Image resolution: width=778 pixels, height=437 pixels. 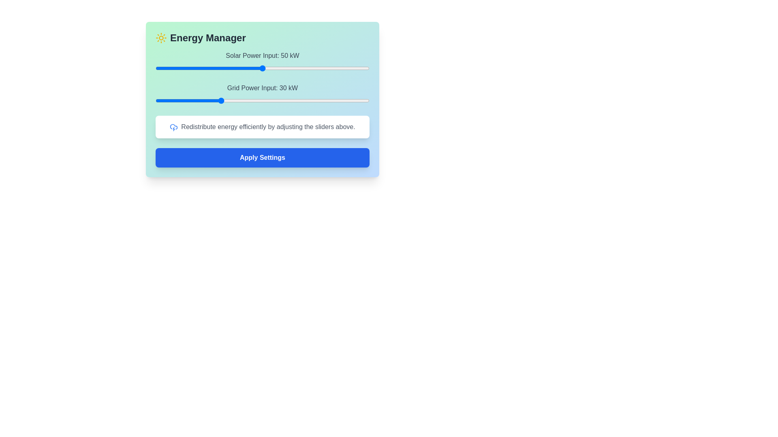 I want to click on the Grid Power Input slider to 48 kW, so click(x=258, y=100).